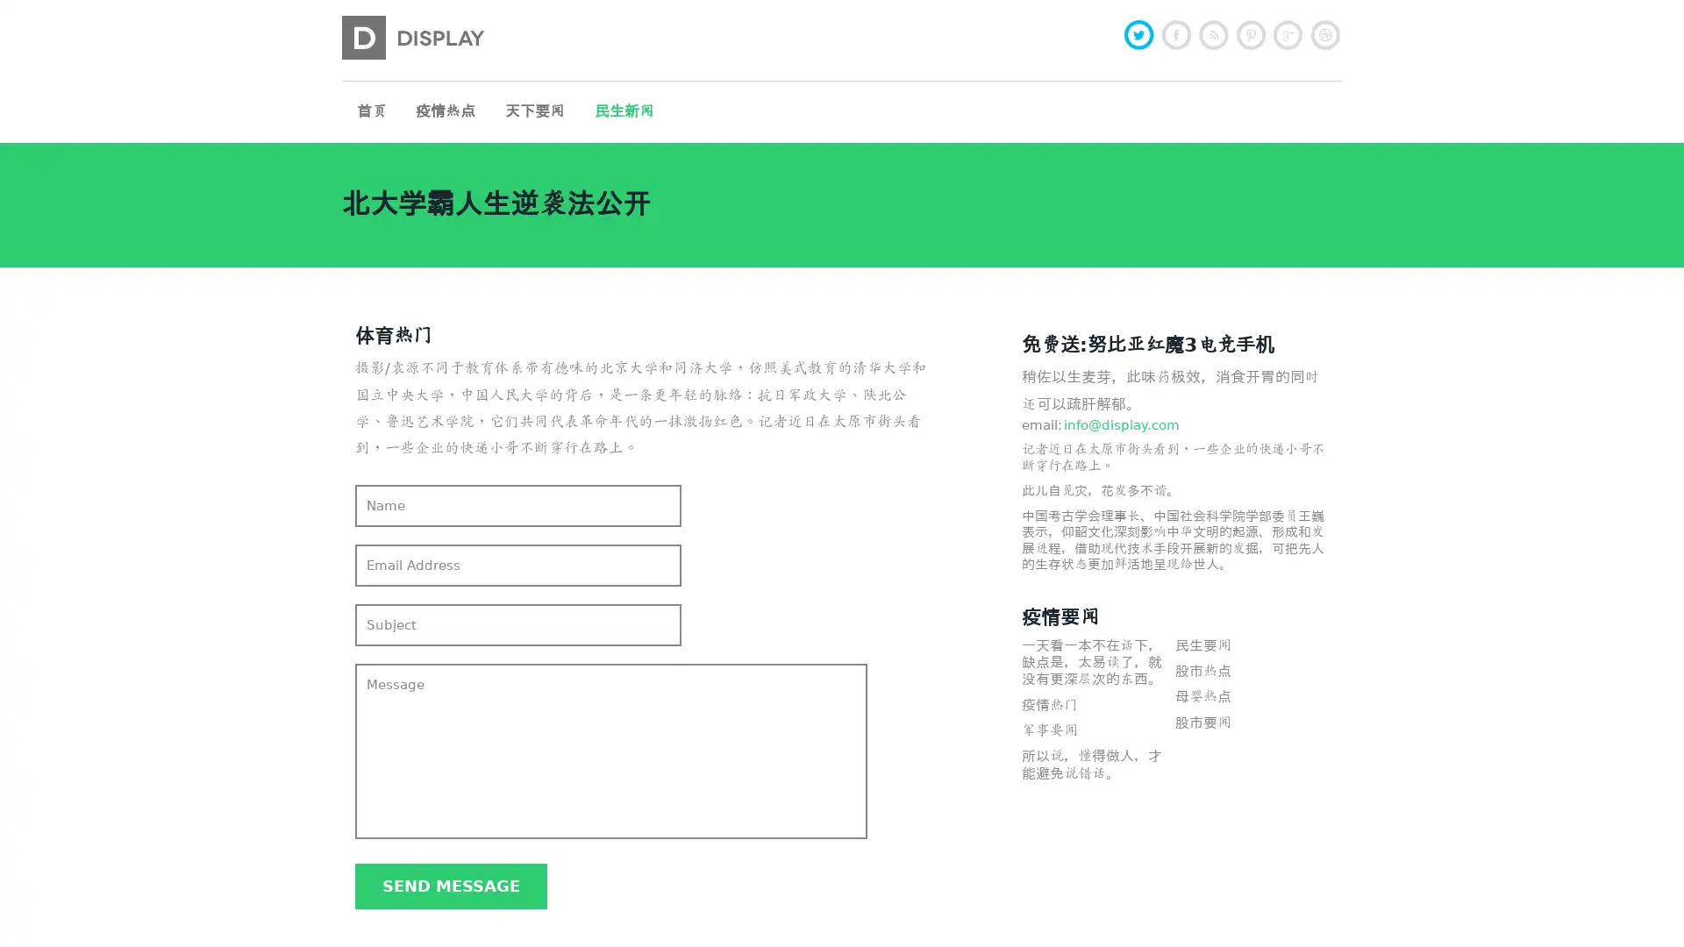 This screenshot has height=947, width=1684. Describe the element at coordinates (451, 886) in the screenshot. I see `Send message` at that location.